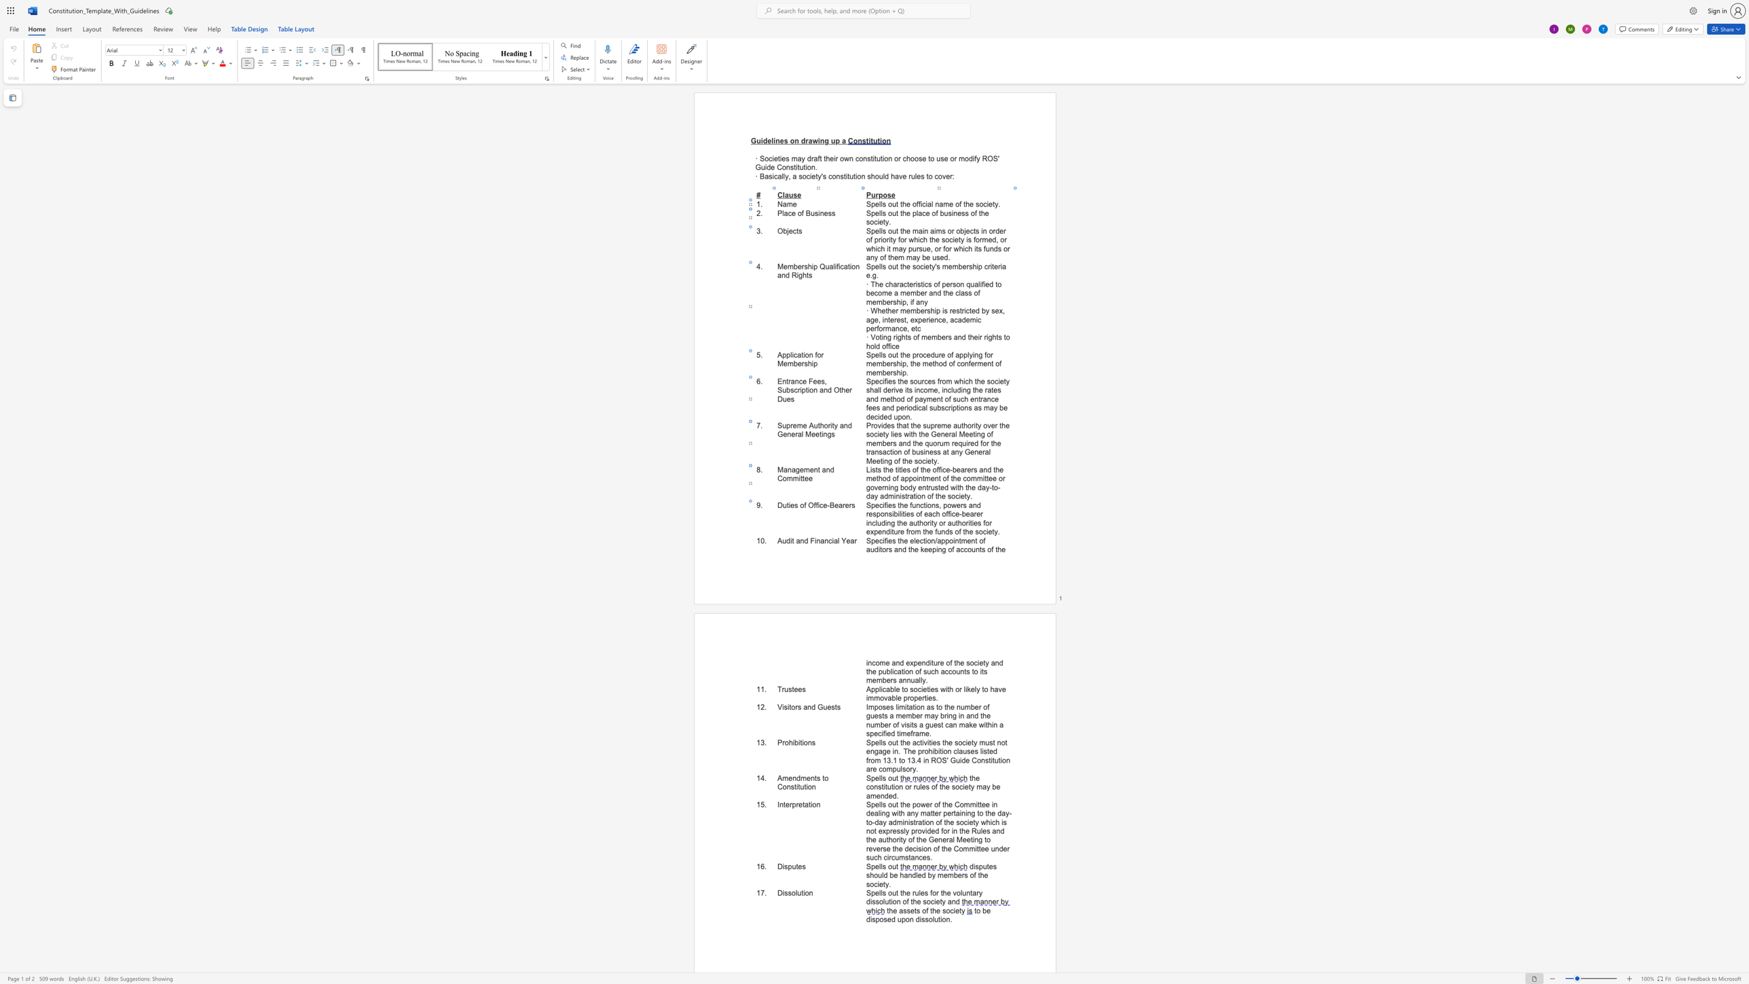 This screenshot has height=984, width=1749. I want to click on the 3th character "a" in the text, so click(944, 452).